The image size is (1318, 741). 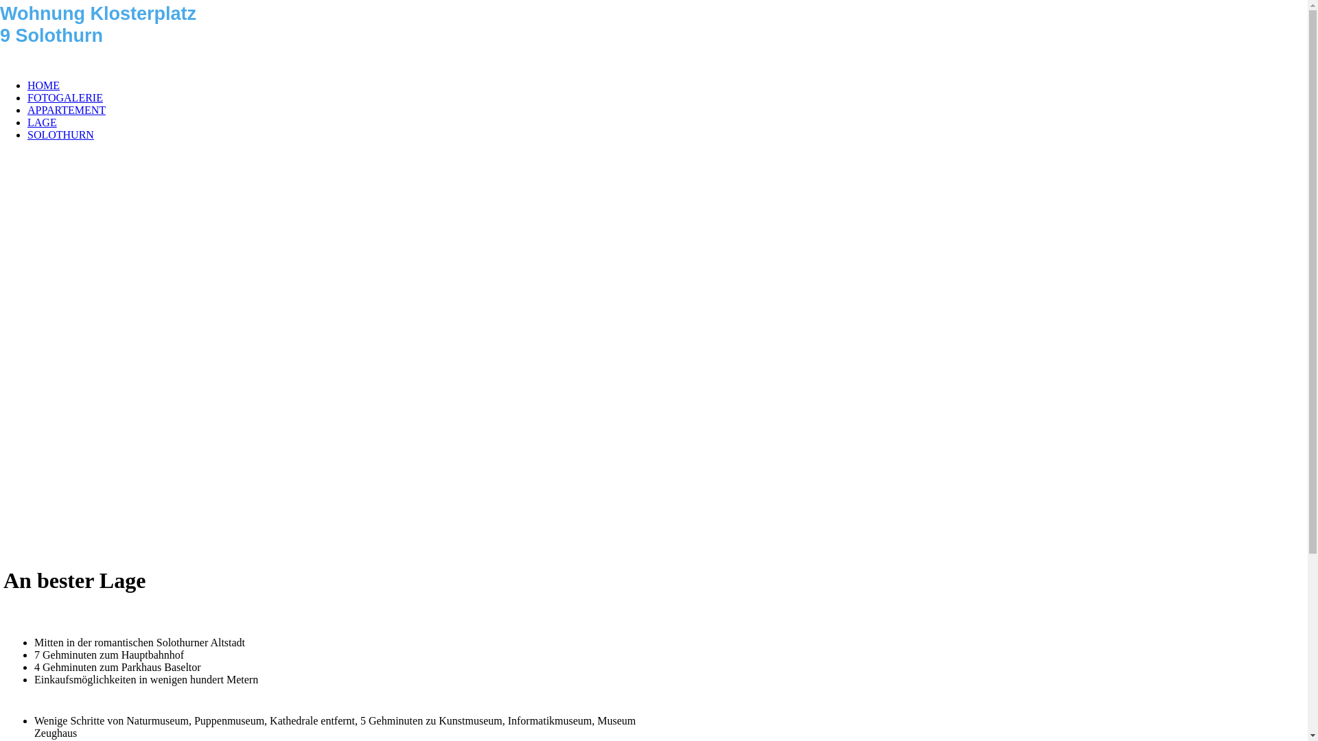 I want to click on 'APPARTEMENT', so click(x=27, y=109).